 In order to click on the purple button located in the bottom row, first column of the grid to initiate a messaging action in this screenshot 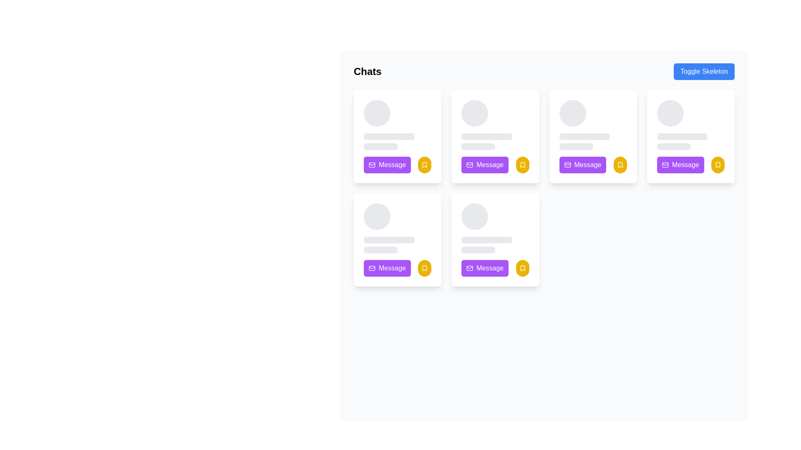, I will do `click(495, 268)`.